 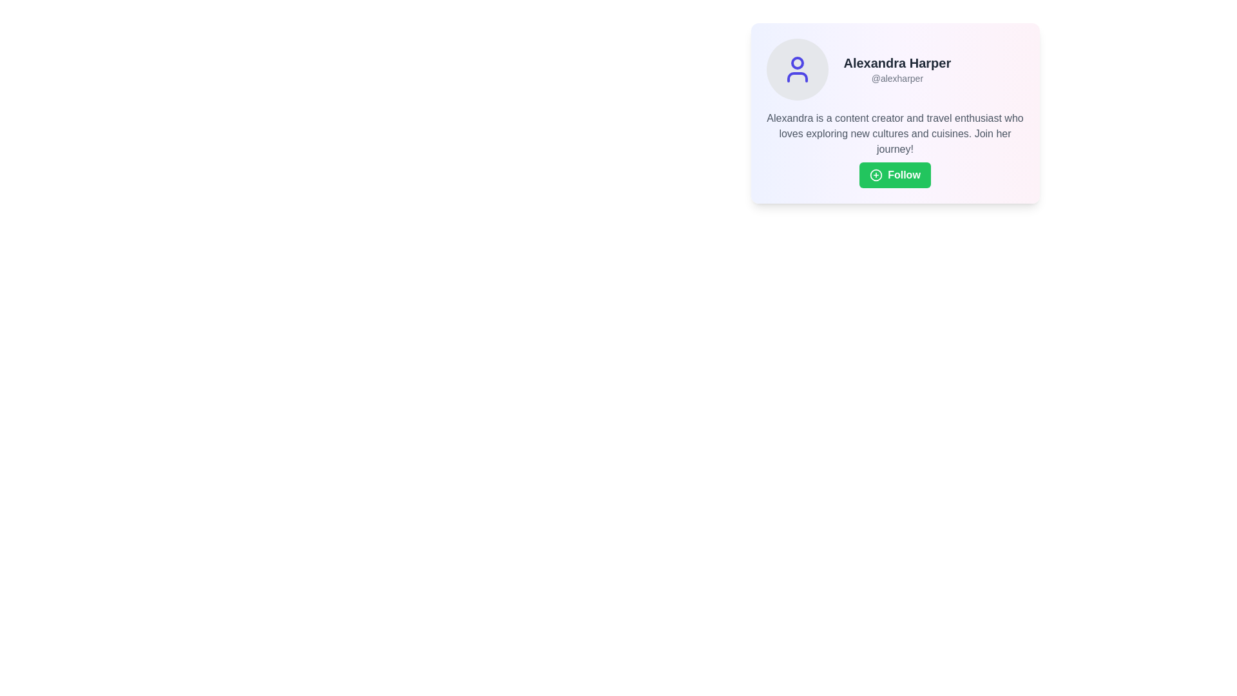 I want to click on the textual content block that states, "Alexandra is a content creator and travel enthusiast who loves exploring new cultures and cuisines. Join her journey!" styled in gray font, which is located above the 'Follow' button and below the header with 'Alexandra Harper' and '@alexharper', so click(x=894, y=134).